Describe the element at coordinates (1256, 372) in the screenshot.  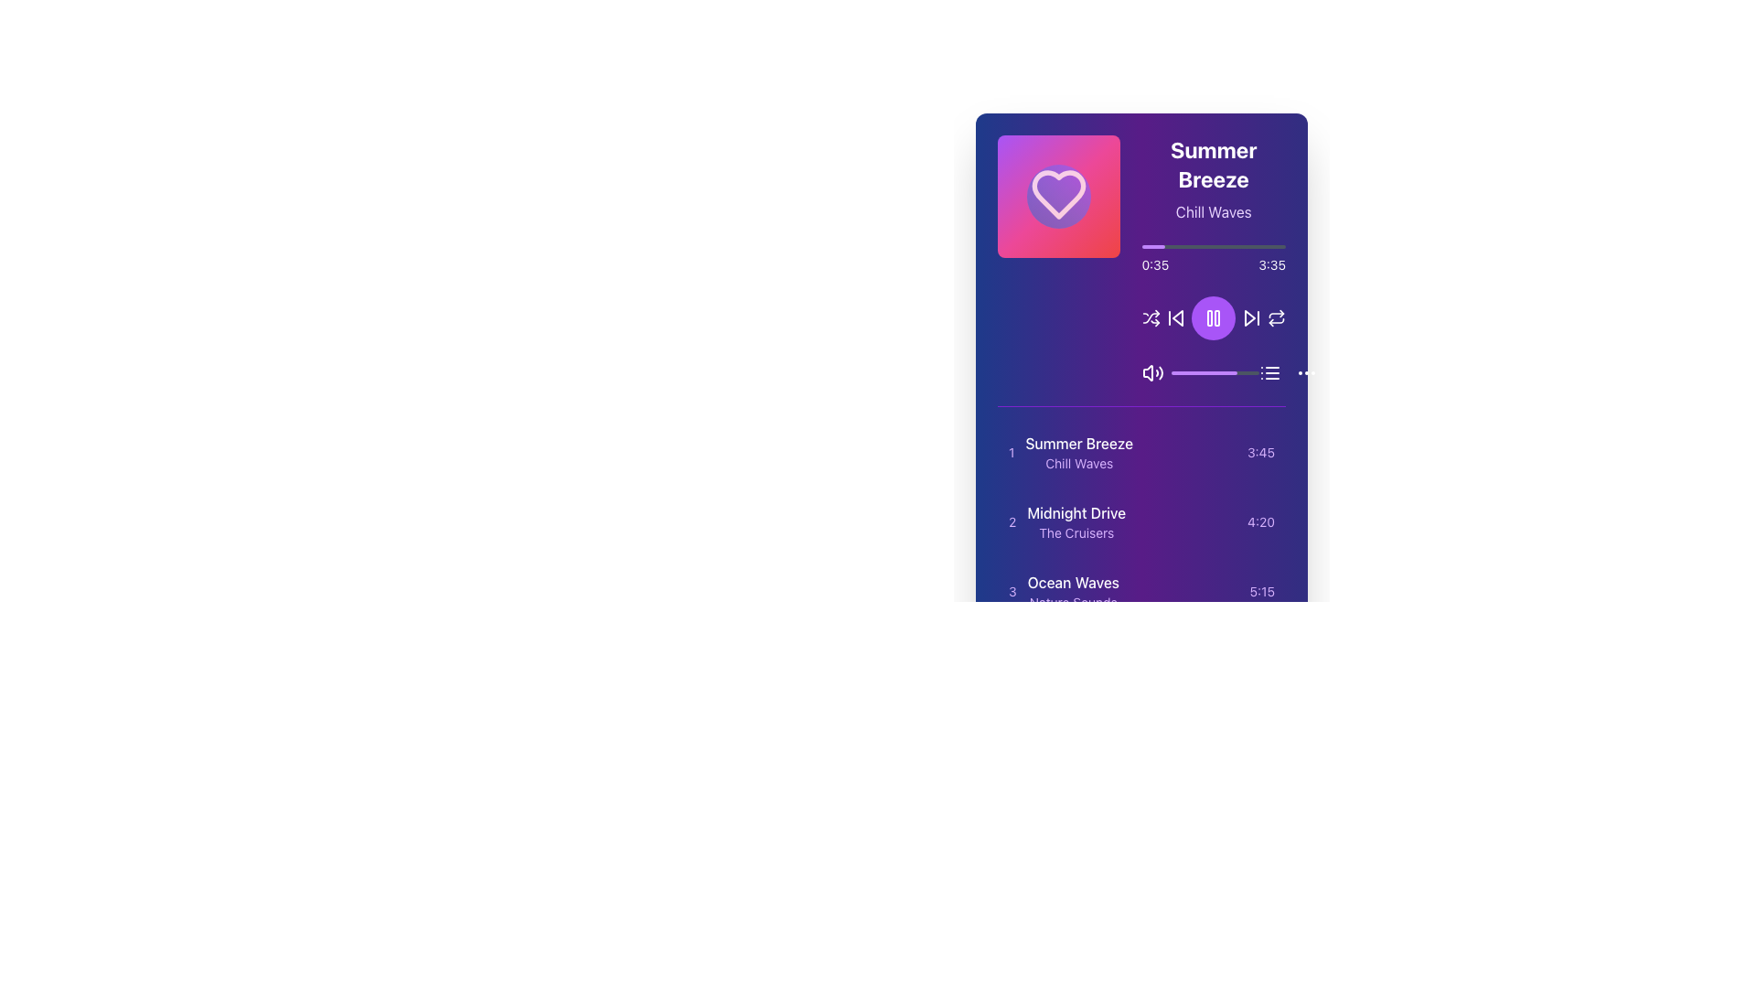
I see `the slider value` at that location.